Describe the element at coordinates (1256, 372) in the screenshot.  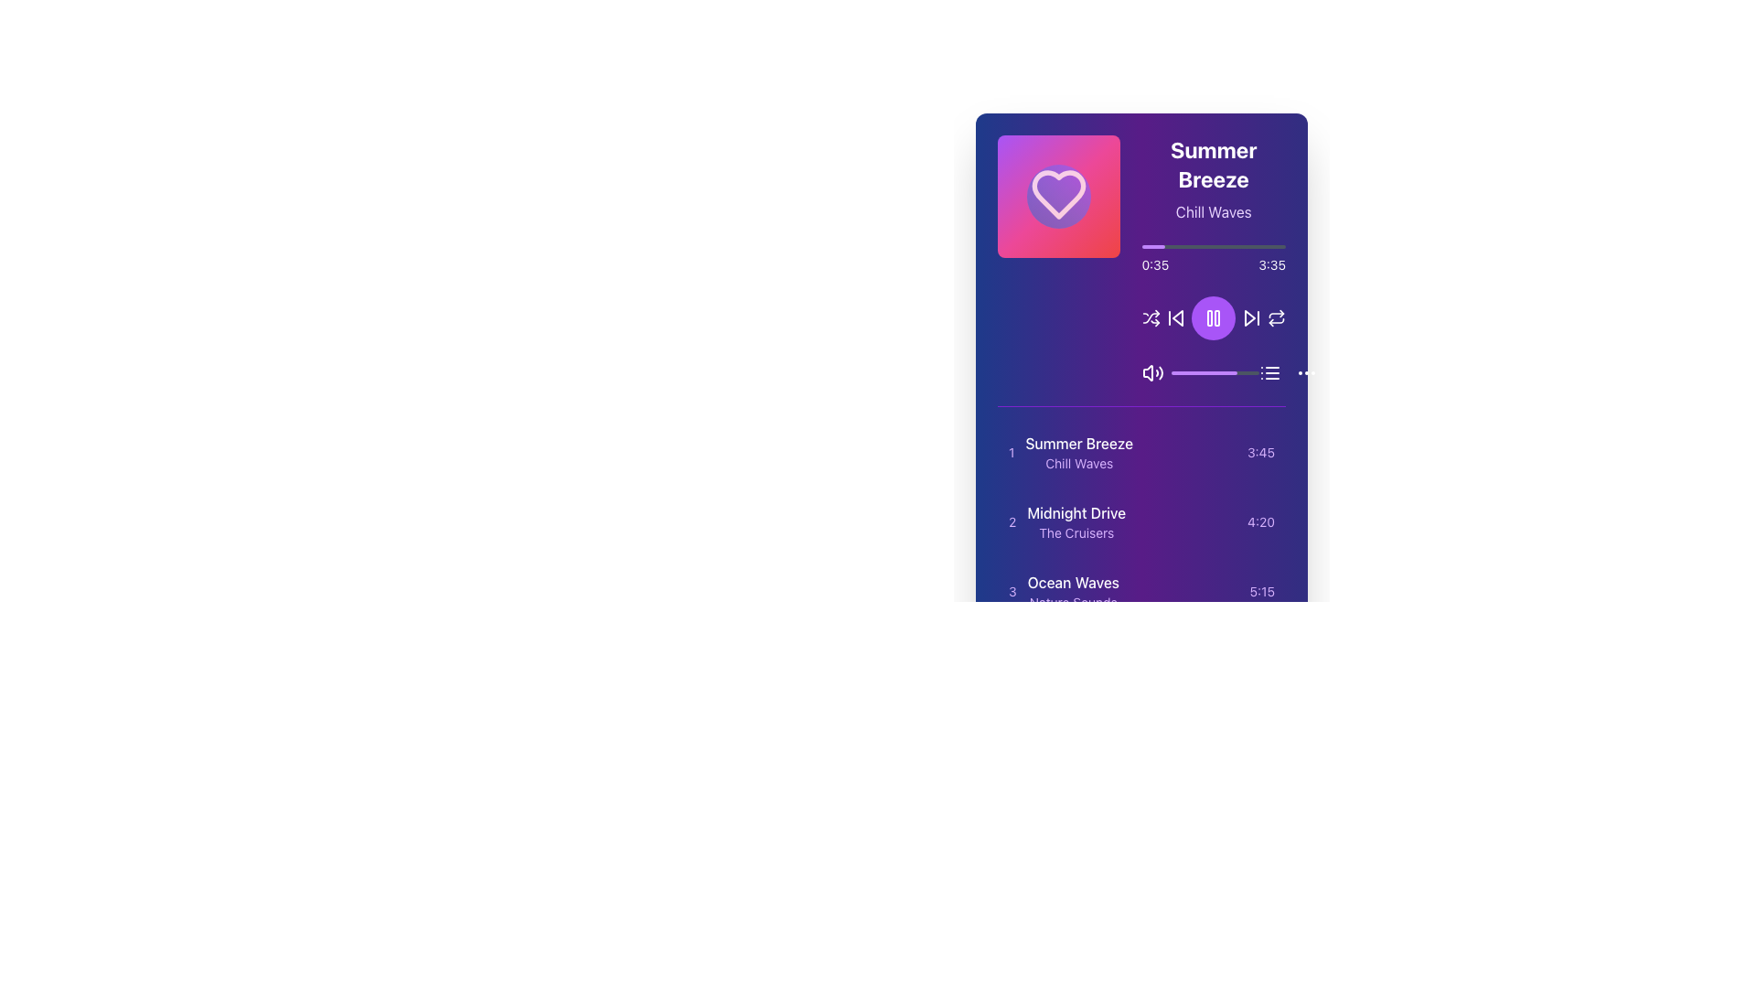
I see `the slider value` at that location.